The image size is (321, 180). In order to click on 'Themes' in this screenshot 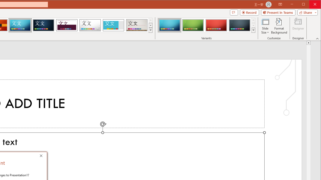, I will do `click(150, 30)`.